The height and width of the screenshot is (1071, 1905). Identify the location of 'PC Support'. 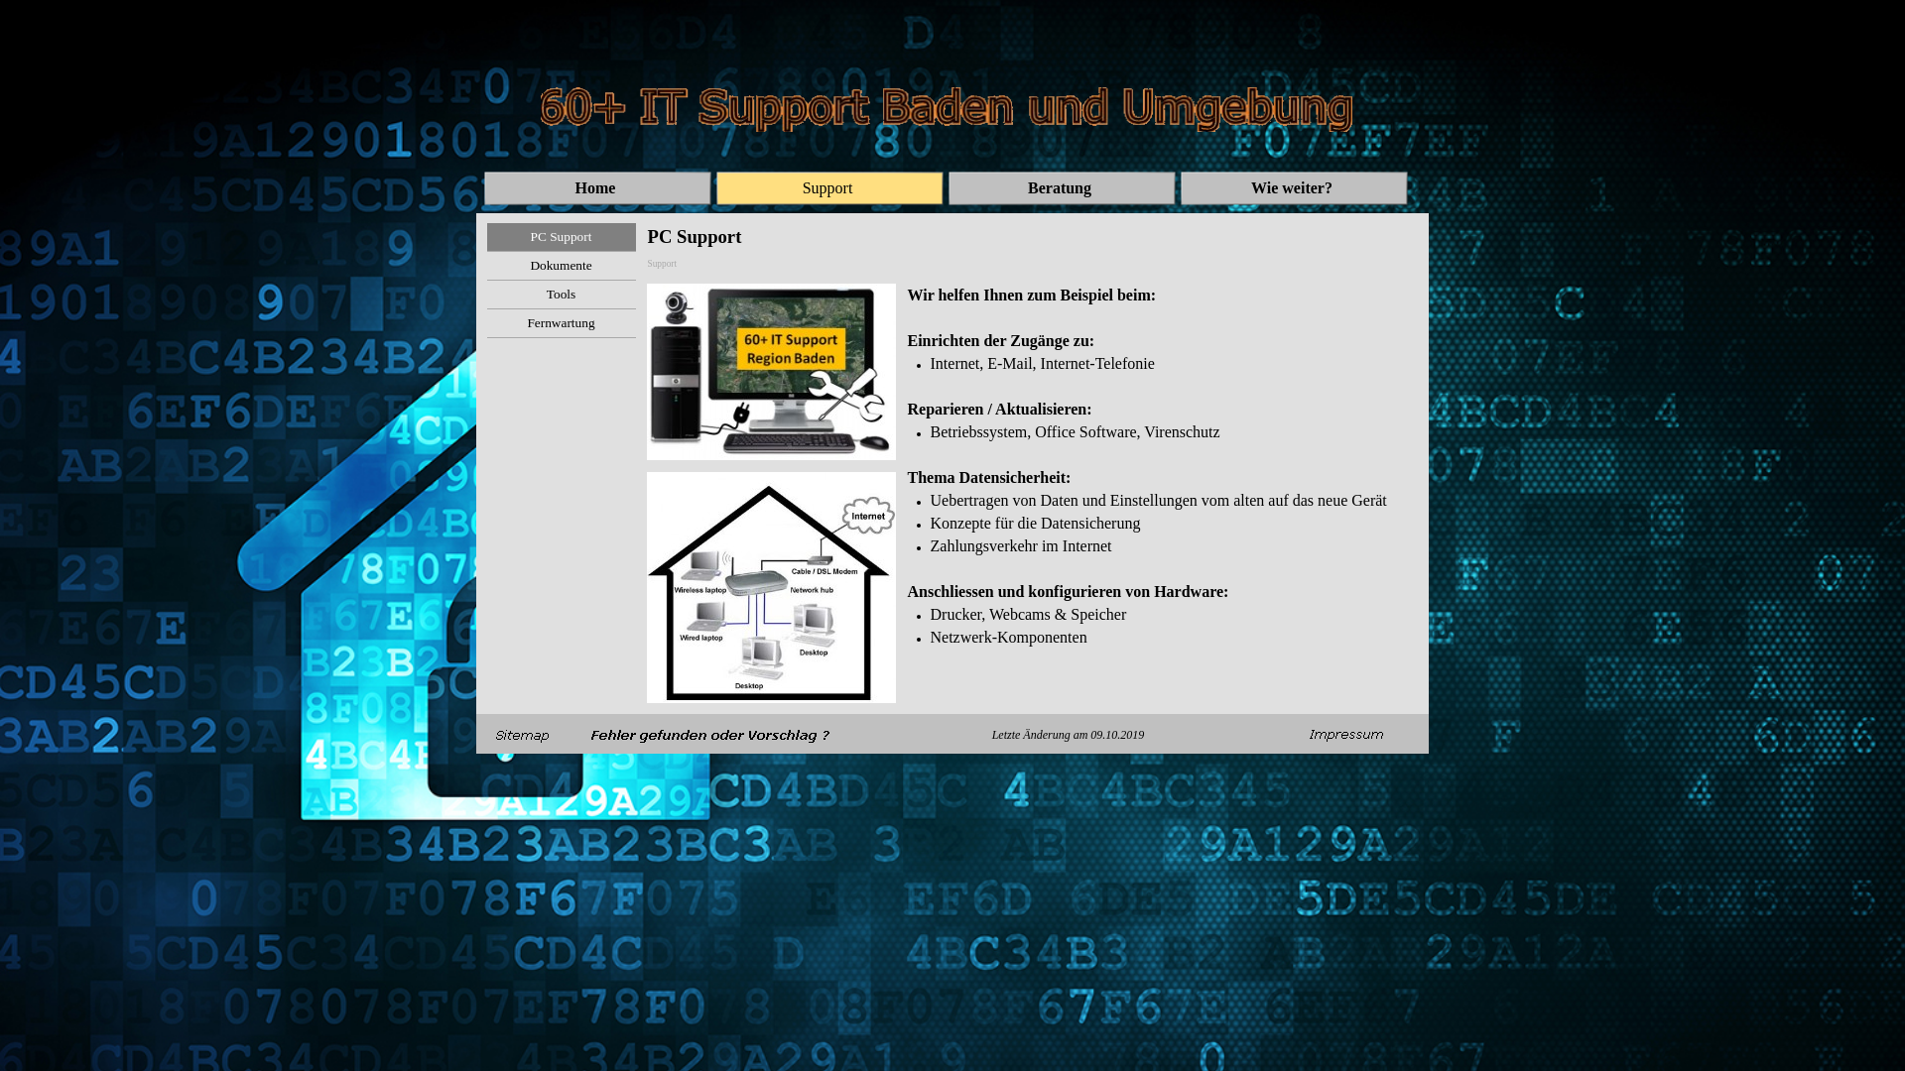
(560, 236).